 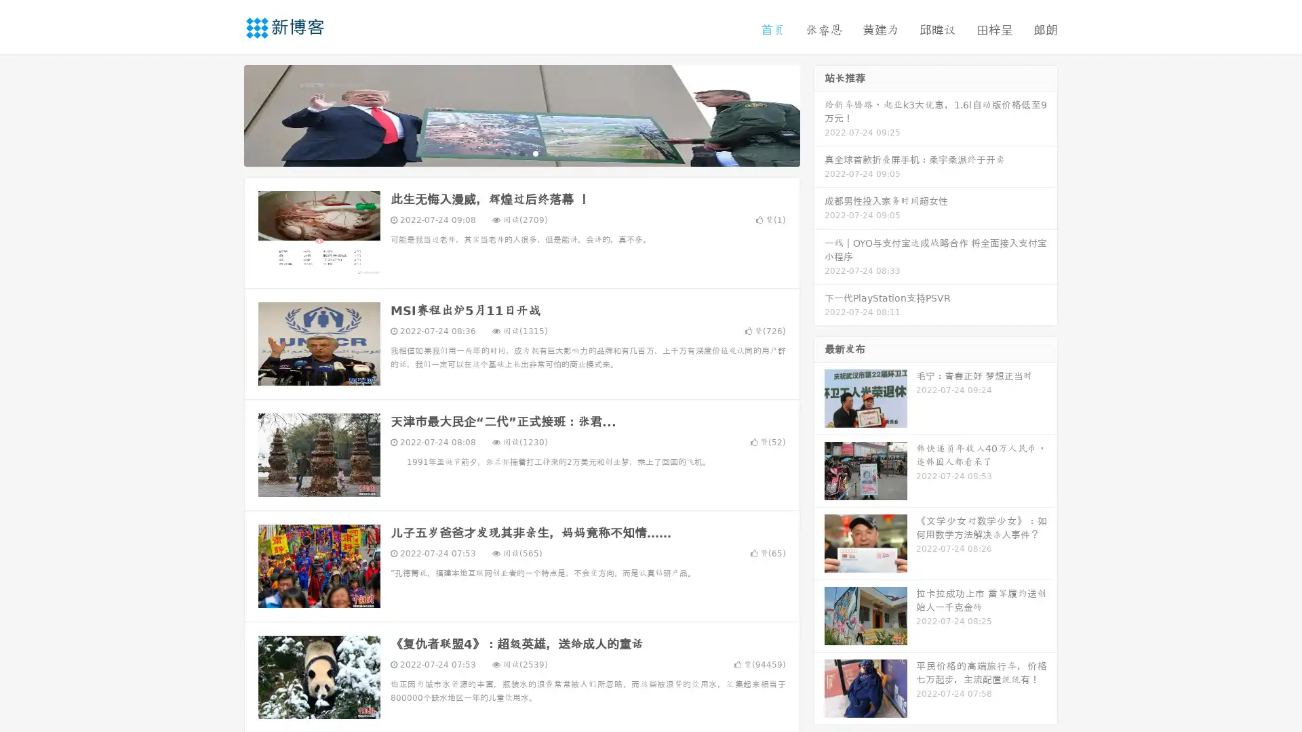 What do you see at coordinates (819, 114) in the screenshot?
I see `Next slide` at bounding box center [819, 114].